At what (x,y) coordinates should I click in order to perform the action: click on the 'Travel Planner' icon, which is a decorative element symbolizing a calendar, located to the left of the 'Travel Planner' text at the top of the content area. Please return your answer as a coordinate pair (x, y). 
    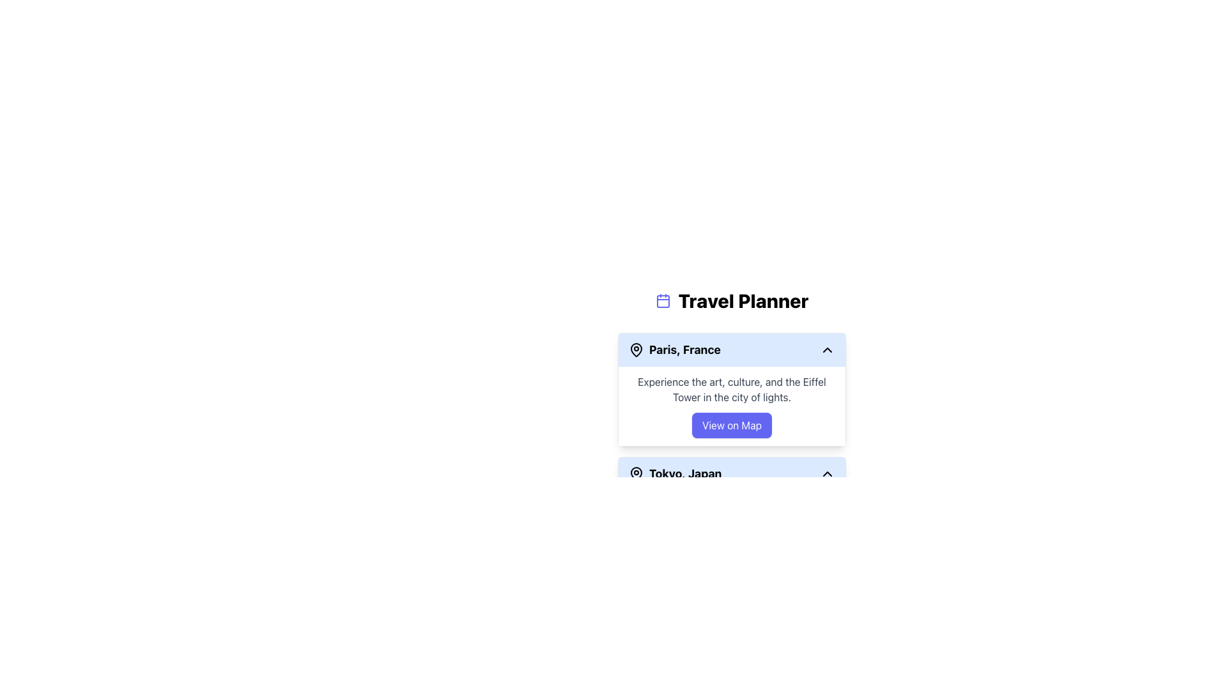
    Looking at the image, I should click on (663, 300).